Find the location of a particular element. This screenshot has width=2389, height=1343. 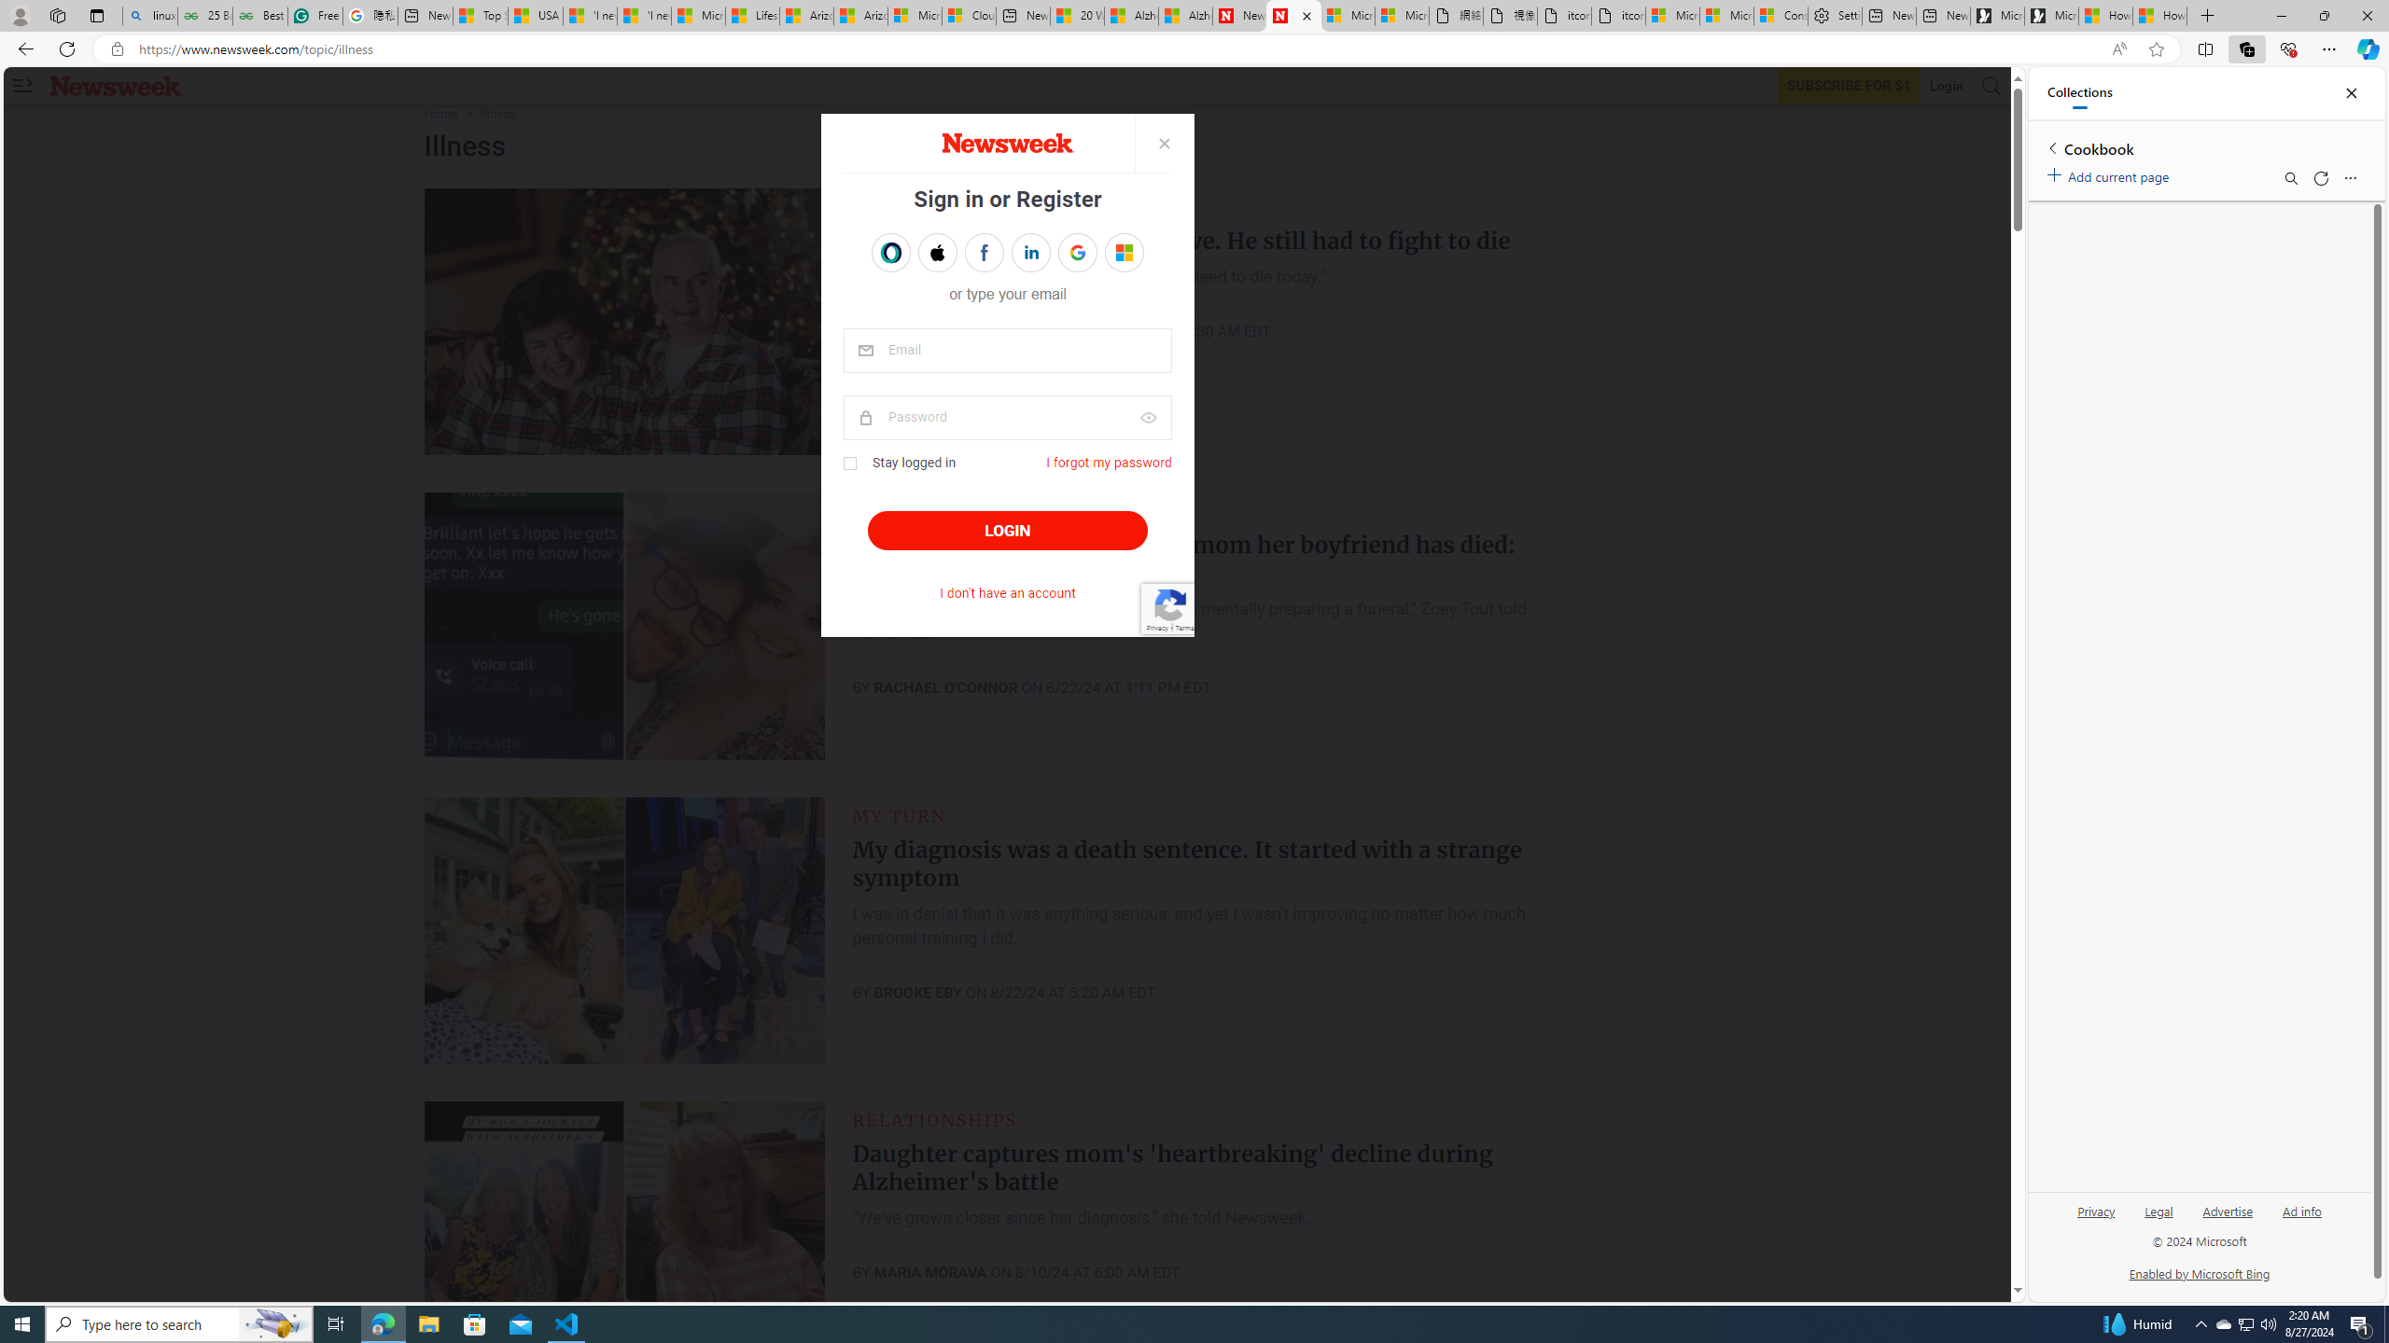

'LOGIN' is located at coordinates (1007, 530).